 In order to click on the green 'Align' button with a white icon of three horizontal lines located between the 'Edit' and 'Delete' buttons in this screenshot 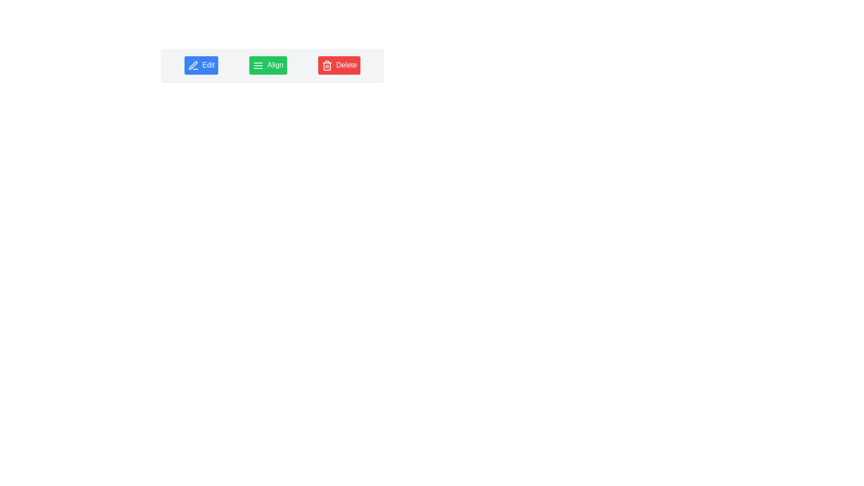, I will do `click(268, 65)`.